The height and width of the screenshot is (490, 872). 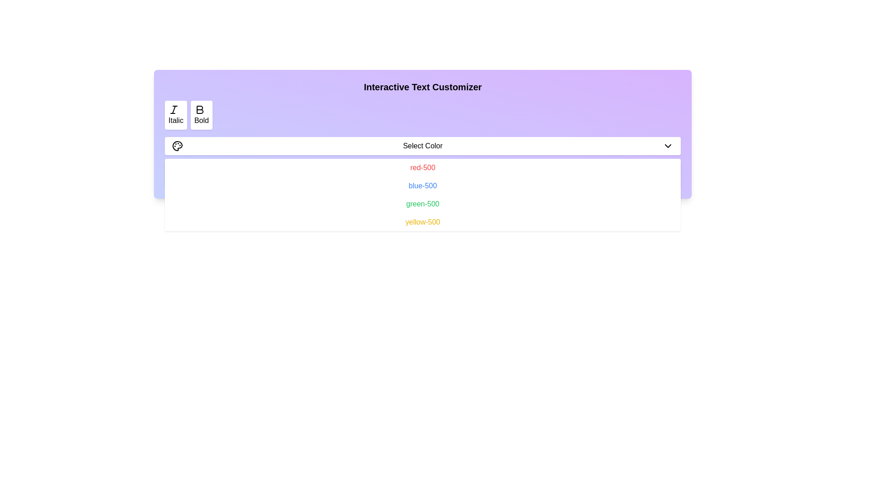 What do you see at coordinates (422, 203) in the screenshot?
I see `the 'green-500' color theme option in the dropdown menu, which is the third item in the vertically stacked list of color options` at bounding box center [422, 203].